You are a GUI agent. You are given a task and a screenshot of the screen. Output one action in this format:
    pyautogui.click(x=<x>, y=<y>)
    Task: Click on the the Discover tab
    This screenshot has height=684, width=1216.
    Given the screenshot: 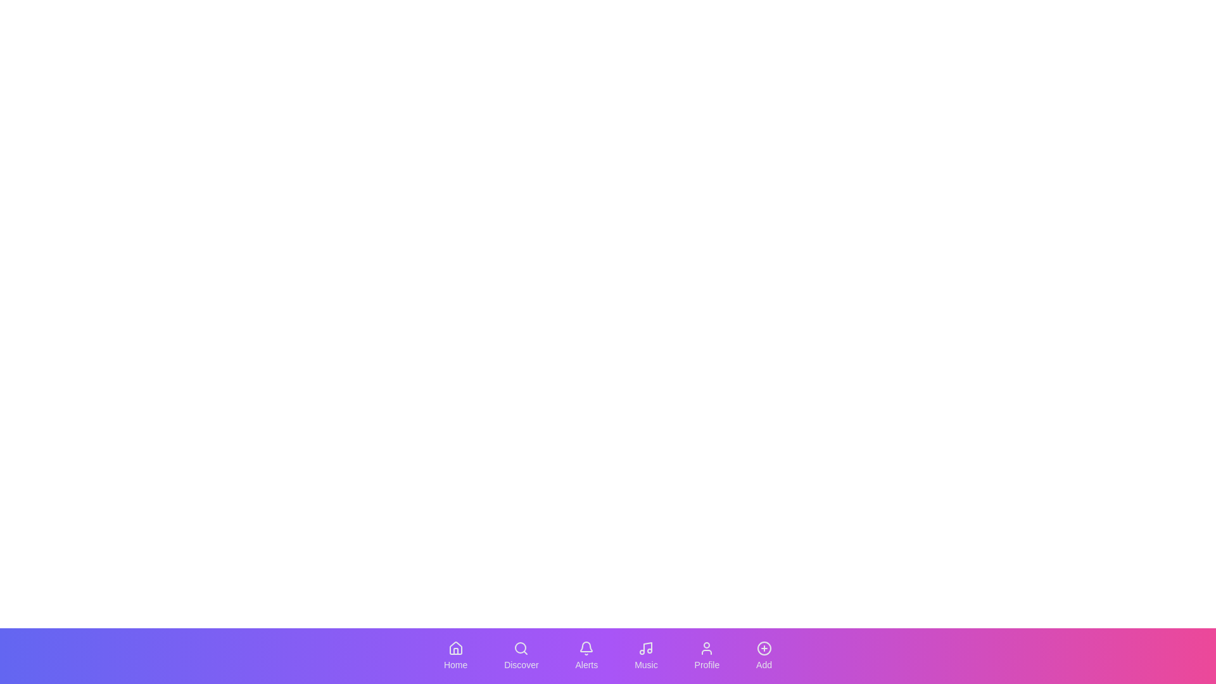 What is the action you would take?
    pyautogui.click(x=521, y=655)
    